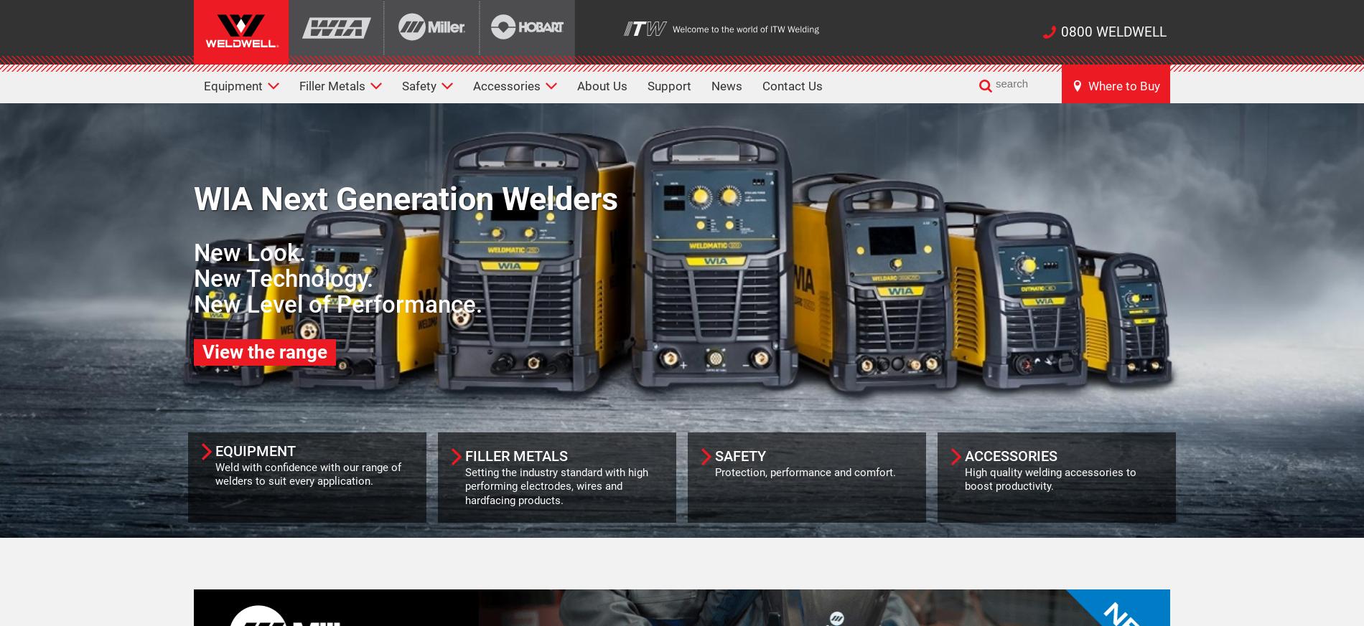  What do you see at coordinates (192, 251) in the screenshot?
I see `'New Look.'` at bounding box center [192, 251].